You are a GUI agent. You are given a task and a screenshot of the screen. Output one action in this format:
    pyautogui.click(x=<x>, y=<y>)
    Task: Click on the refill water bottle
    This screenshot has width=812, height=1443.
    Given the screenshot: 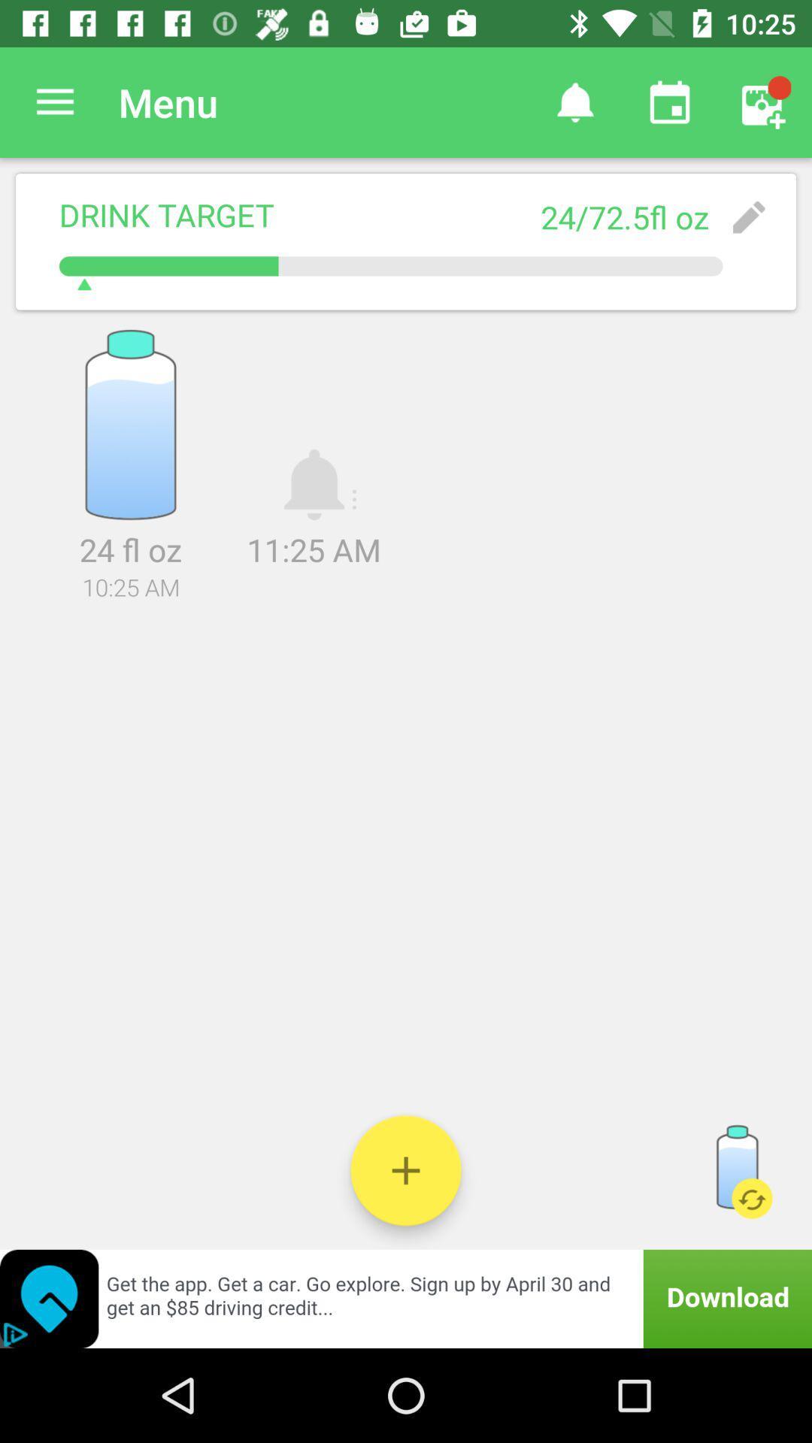 What is the action you would take?
    pyautogui.click(x=736, y=1169)
    